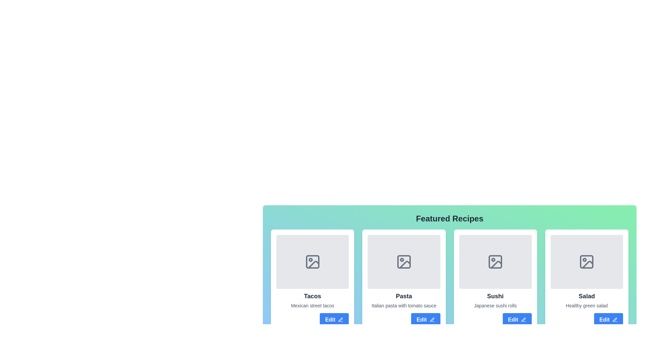 Image resolution: width=647 pixels, height=364 pixels. Describe the element at coordinates (586, 261) in the screenshot. I see `the image placeholder rectangle within the 'Salad' card, located in the fourth column of the featured recipe cards in the lower right section of the interface` at that location.